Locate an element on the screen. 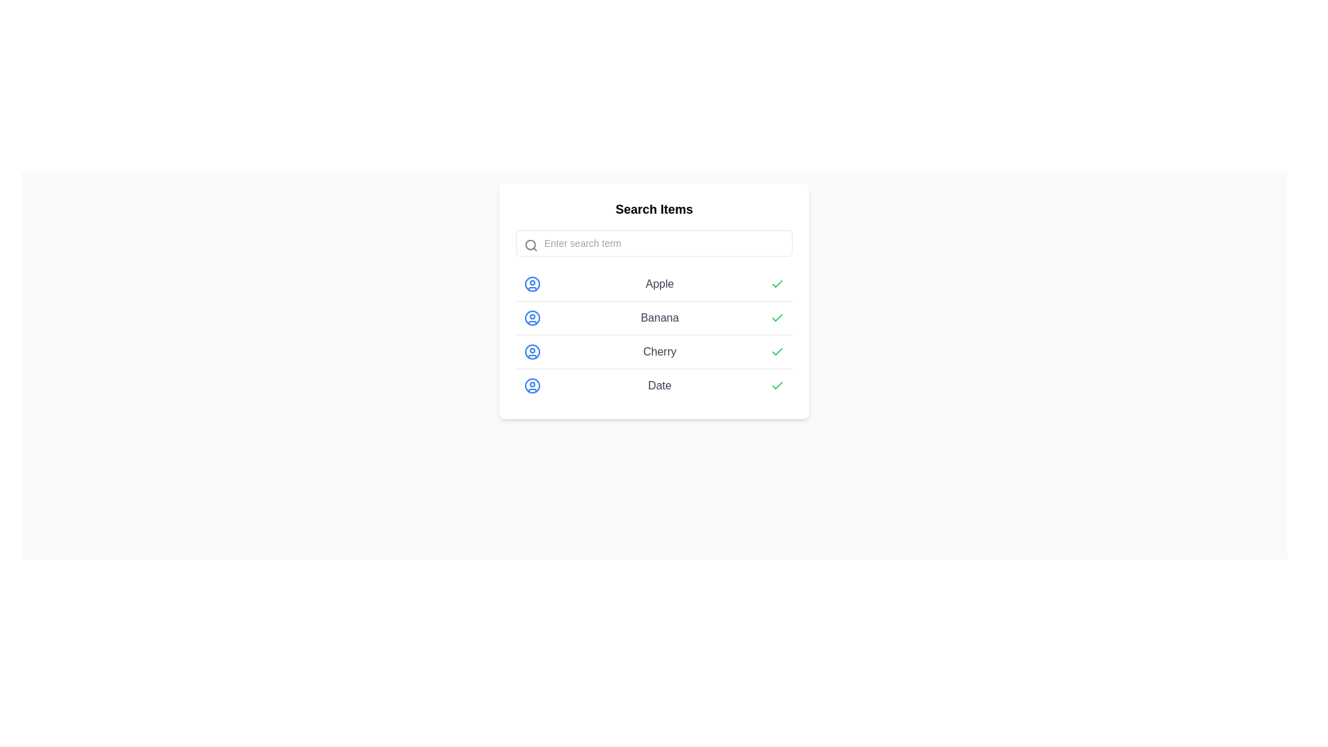 This screenshot has height=747, width=1328. the label element that serves as a title for the interactive list item named 'Date', located in the fourth position from the top, between a user icon and a green checkmark is located at coordinates (659, 386).